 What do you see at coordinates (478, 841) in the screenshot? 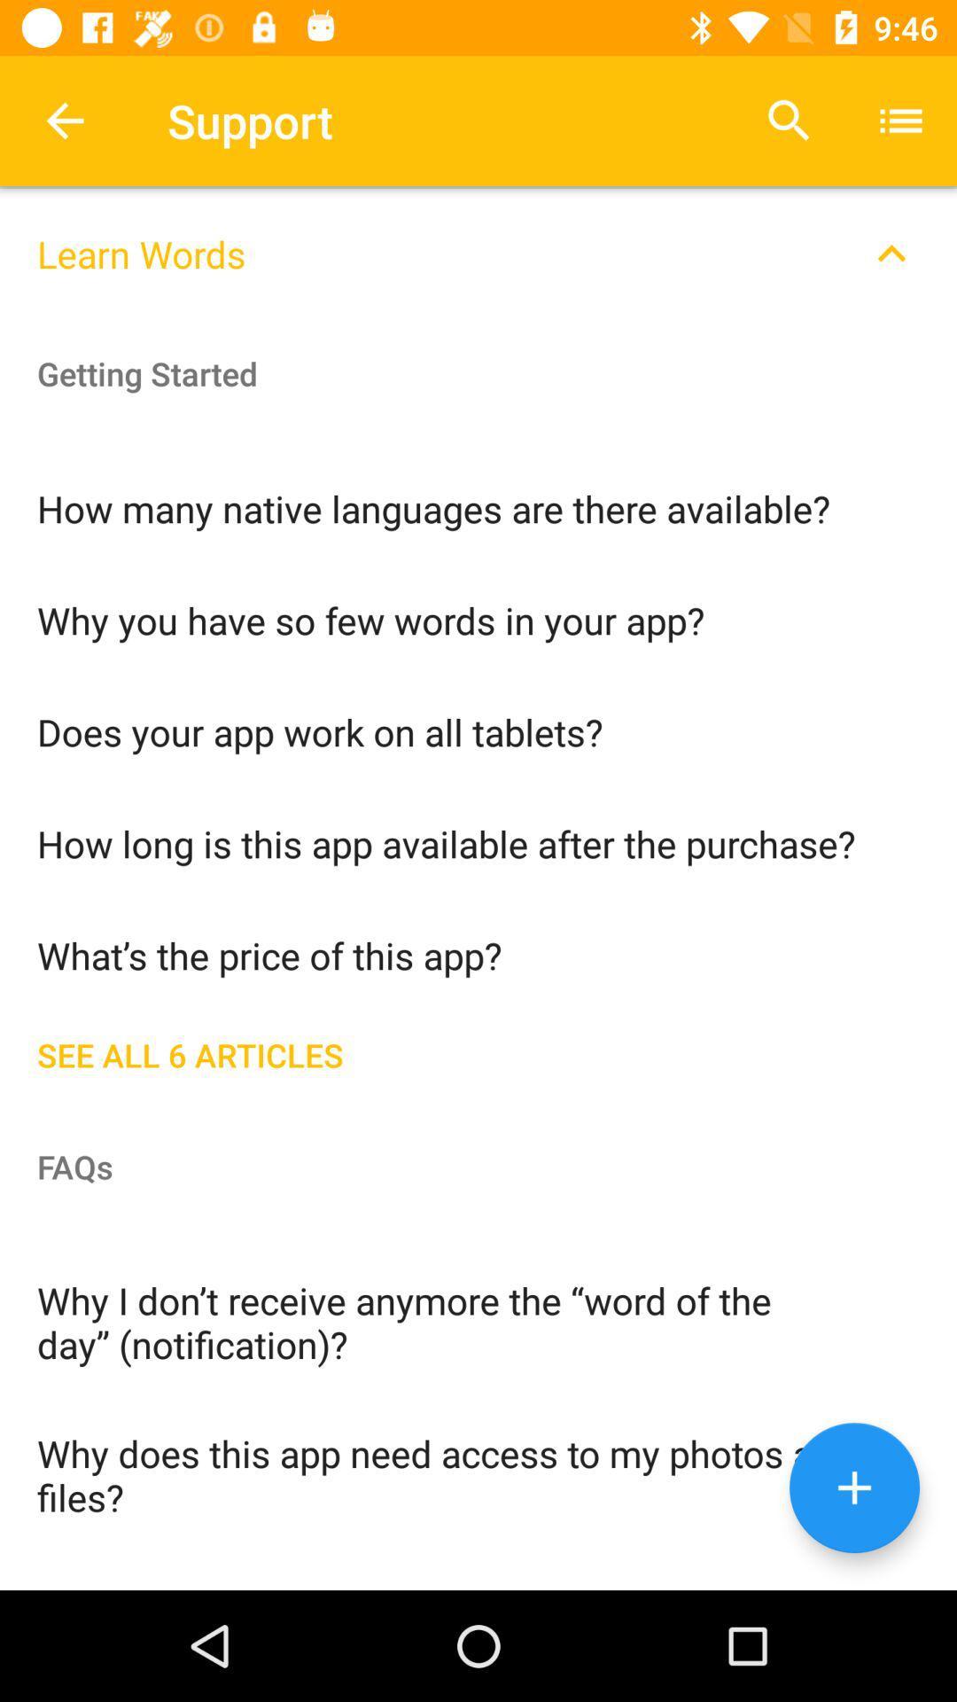
I see `the how long is icon` at bounding box center [478, 841].